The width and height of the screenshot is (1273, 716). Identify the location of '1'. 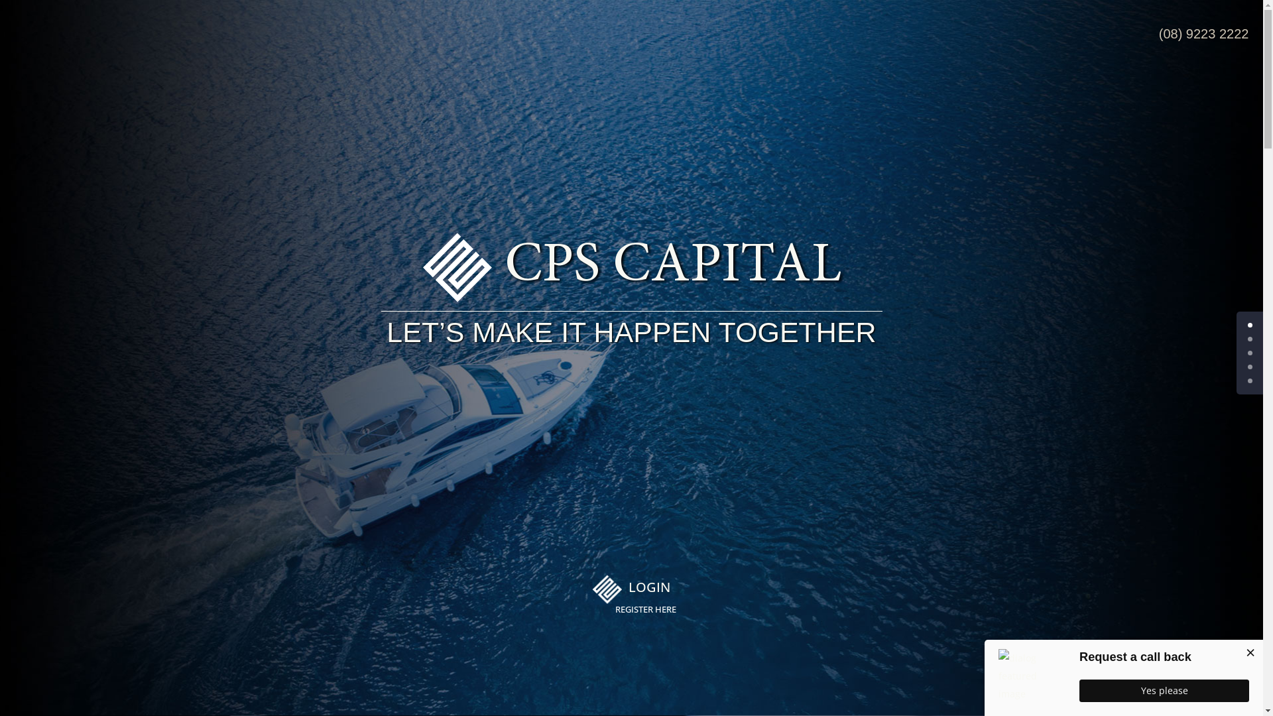
(1249, 338).